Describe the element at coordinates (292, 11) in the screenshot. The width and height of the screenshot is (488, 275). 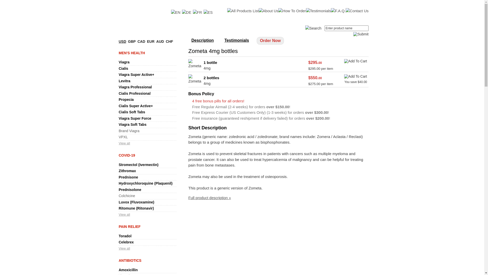
I see `'How To Order'` at that location.